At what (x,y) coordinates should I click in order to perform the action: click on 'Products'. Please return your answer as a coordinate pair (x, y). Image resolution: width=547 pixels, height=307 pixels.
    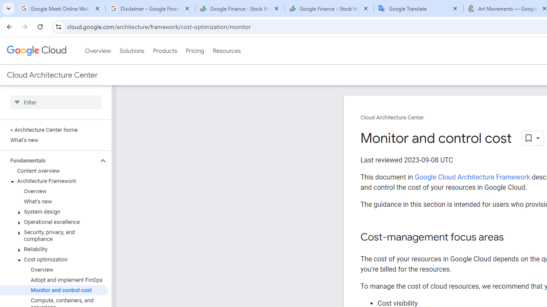
    Looking at the image, I should click on (165, 51).